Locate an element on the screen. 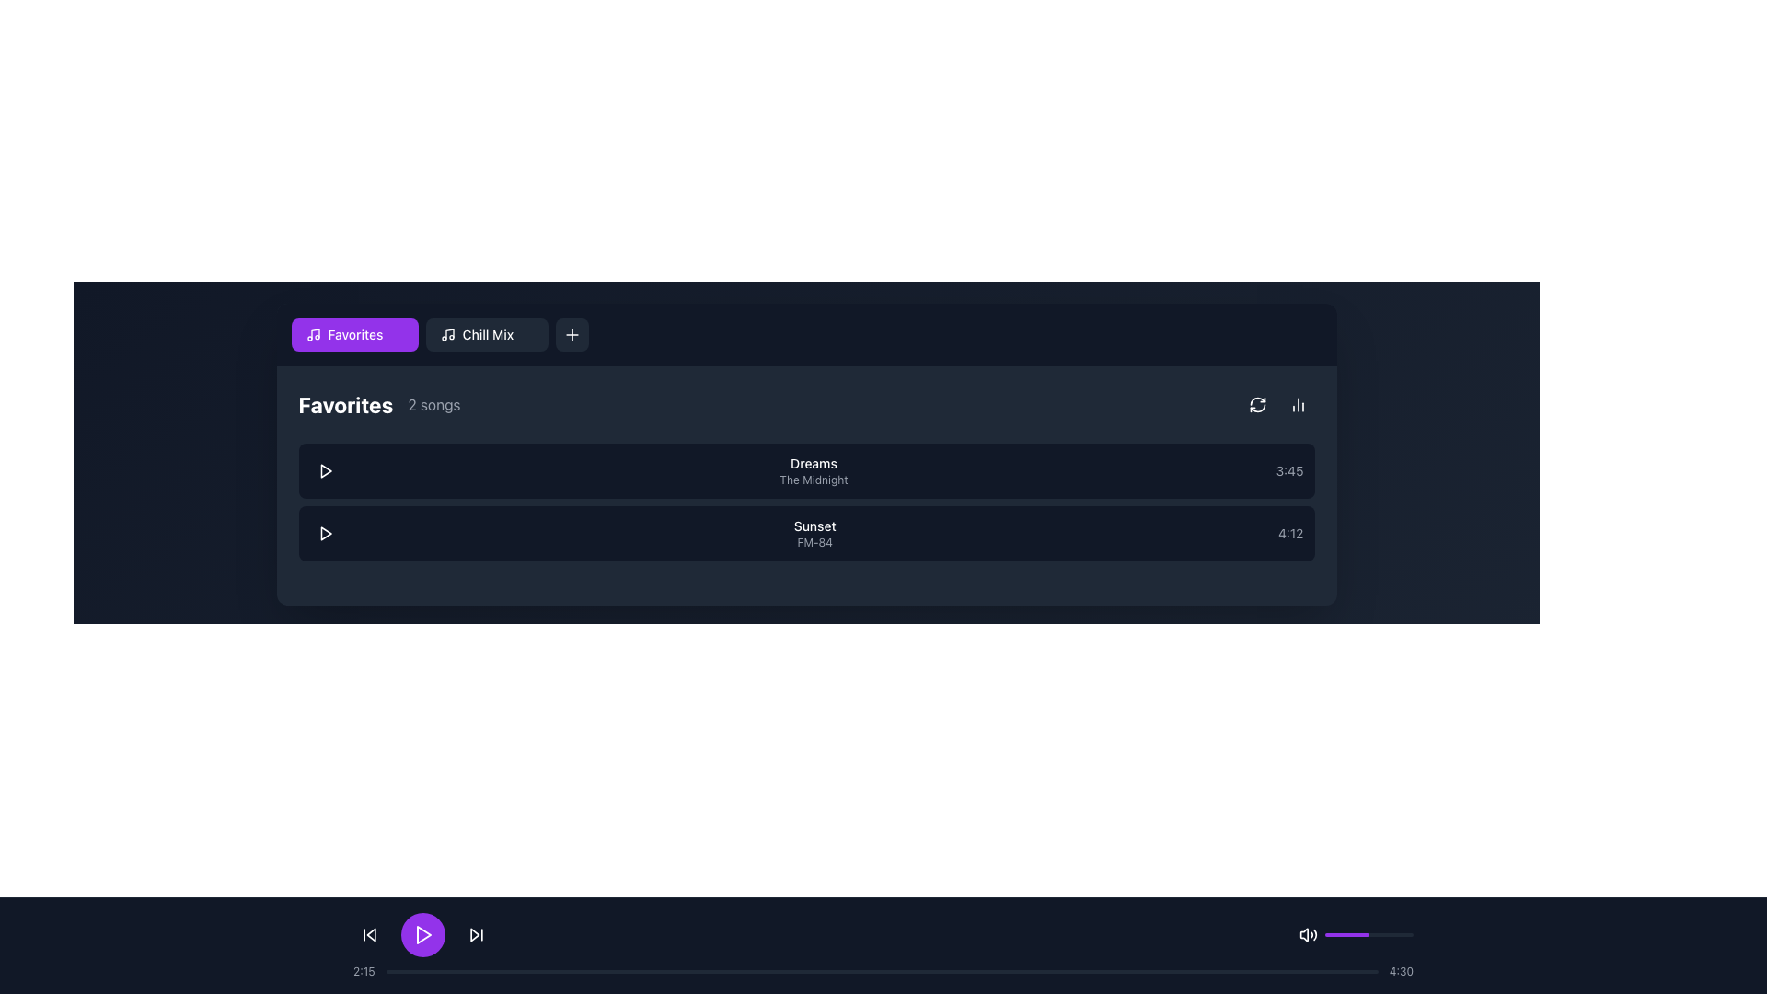  the 'Favorites' text element in the playlist overview section, which displays the title and number of songs is located at coordinates (378, 403).